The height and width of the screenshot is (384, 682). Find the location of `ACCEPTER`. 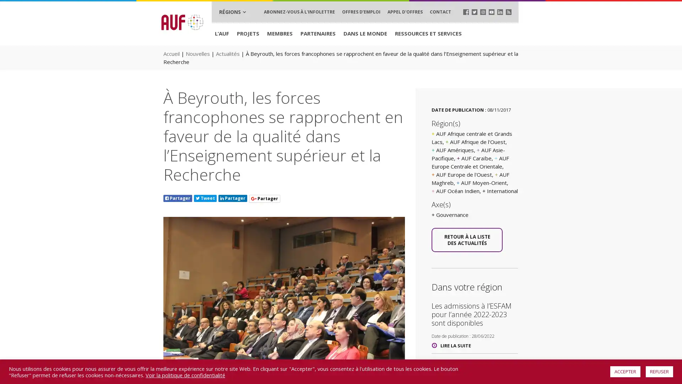

ACCEPTER is located at coordinates (625, 371).